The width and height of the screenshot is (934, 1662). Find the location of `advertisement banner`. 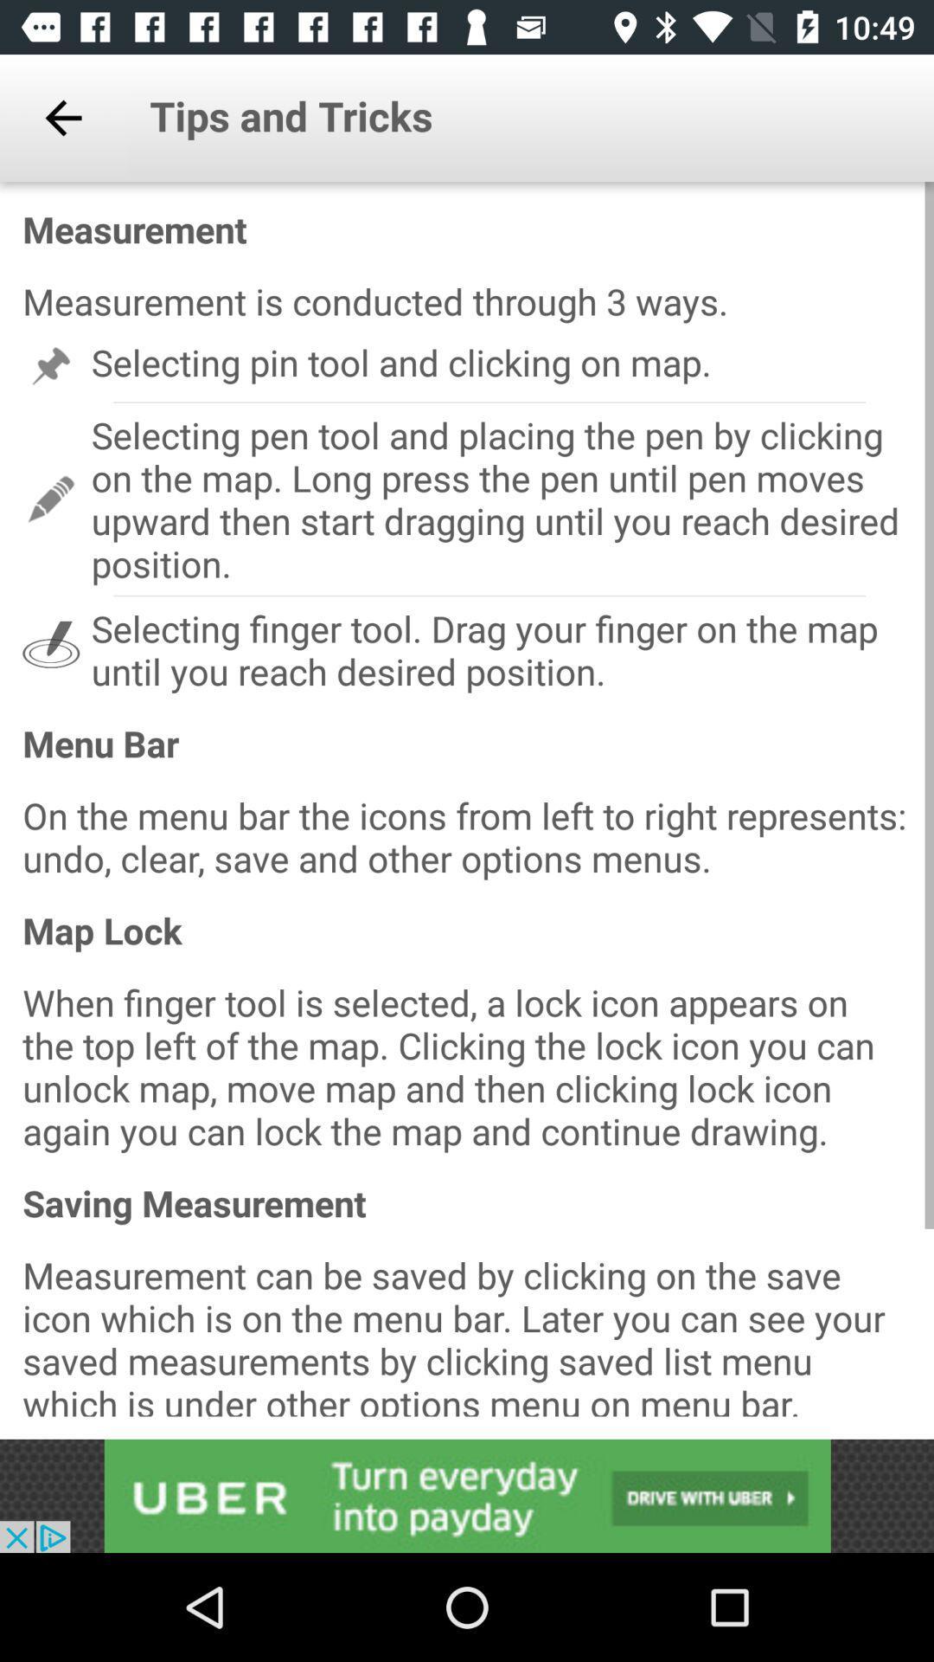

advertisement banner is located at coordinates (467, 1495).